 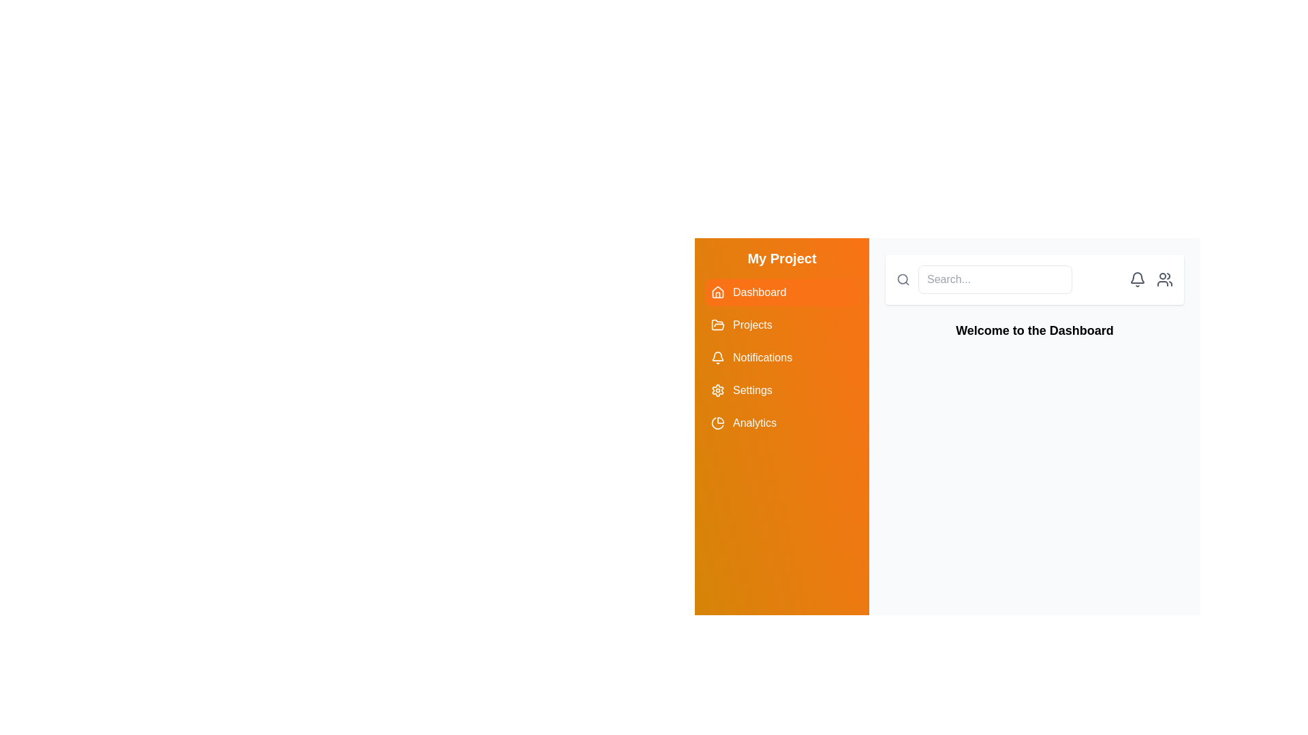 What do you see at coordinates (903, 279) in the screenshot?
I see `the search icon located to the far left of the search bar to focus on the adjacent search input field` at bounding box center [903, 279].